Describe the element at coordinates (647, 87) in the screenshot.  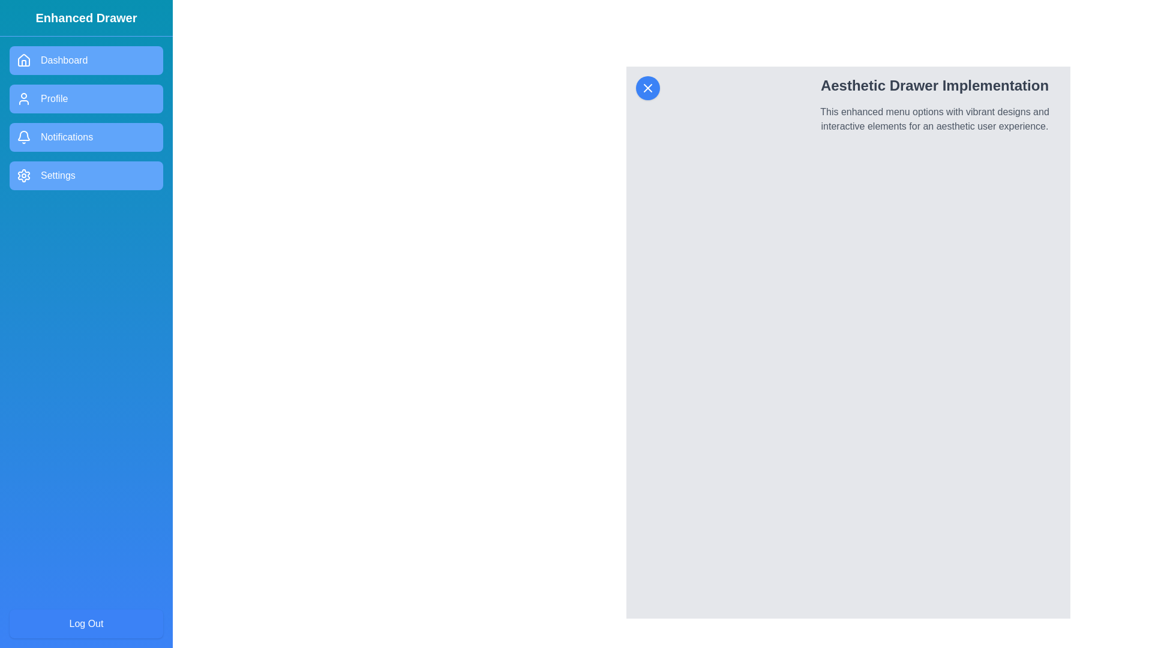
I see `the small 'X' icon styled with a blue circular background and white outline located in the top-left corner of the larger white circular button, which is part of the right panel near the title text 'Aesthetic Drawer Implementation'` at that location.